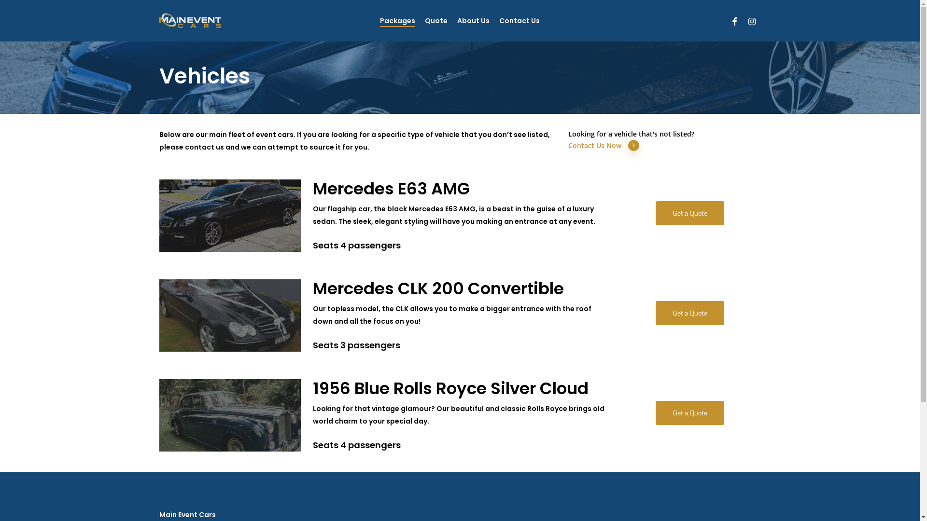 This screenshot has height=521, width=927. Describe the element at coordinates (689, 213) in the screenshot. I see `'Get a Quote'` at that location.